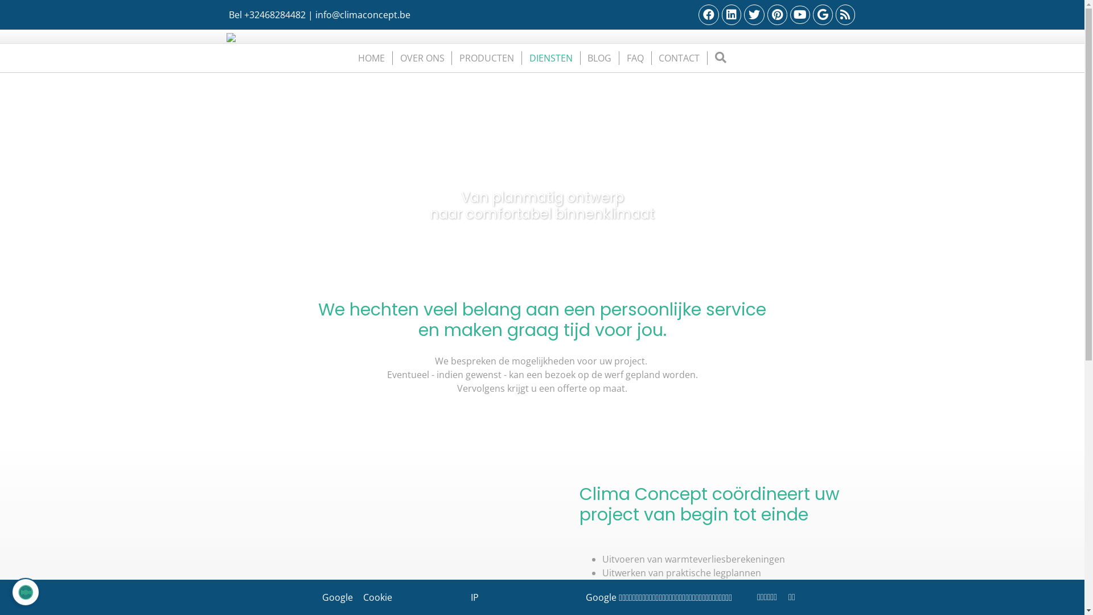 The width and height of the screenshot is (1093, 615). What do you see at coordinates (274, 15) in the screenshot?
I see `'+32468284482'` at bounding box center [274, 15].